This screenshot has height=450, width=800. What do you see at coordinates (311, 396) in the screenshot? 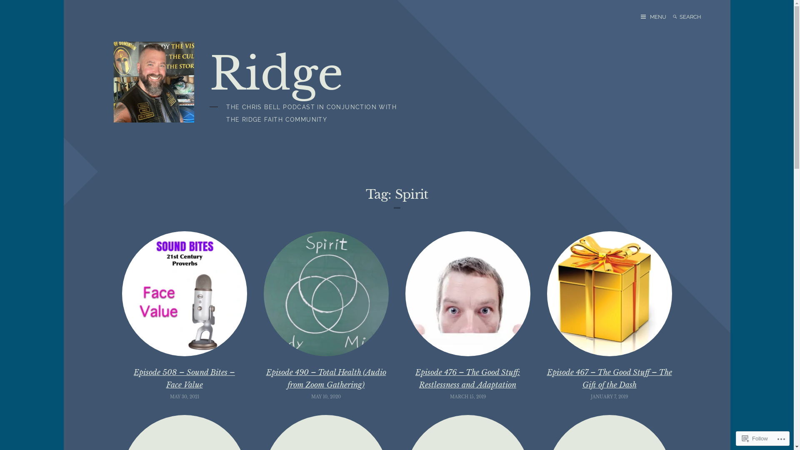
I see `'MAY 10, 2020'` at bounding box center [311, 396].